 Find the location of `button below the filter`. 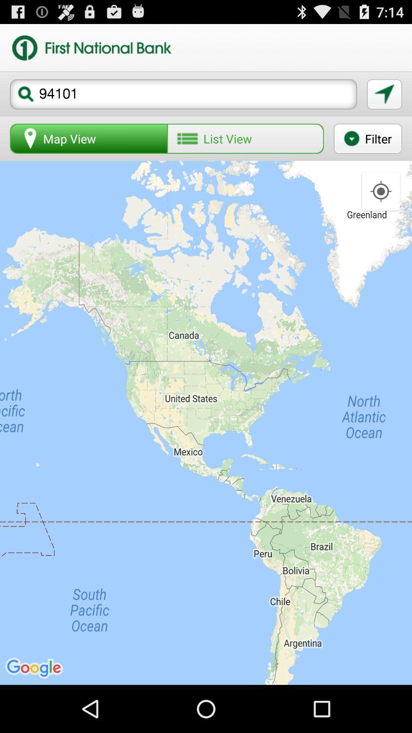

button below the filter is located at coordinates (381, 192).